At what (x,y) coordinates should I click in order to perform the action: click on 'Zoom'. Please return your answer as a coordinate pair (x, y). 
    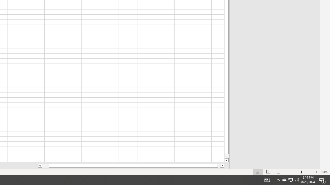
    Looking at the image, I should click on (301, 172).